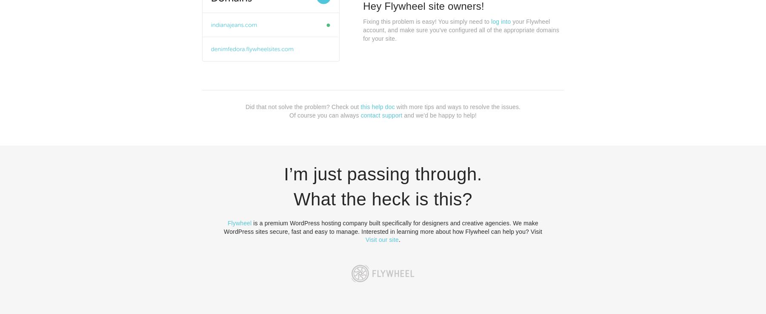 Image resolution: width=766 pixels, height=314 pixels. I want to click on 'Visit our site', so click(382, 239).